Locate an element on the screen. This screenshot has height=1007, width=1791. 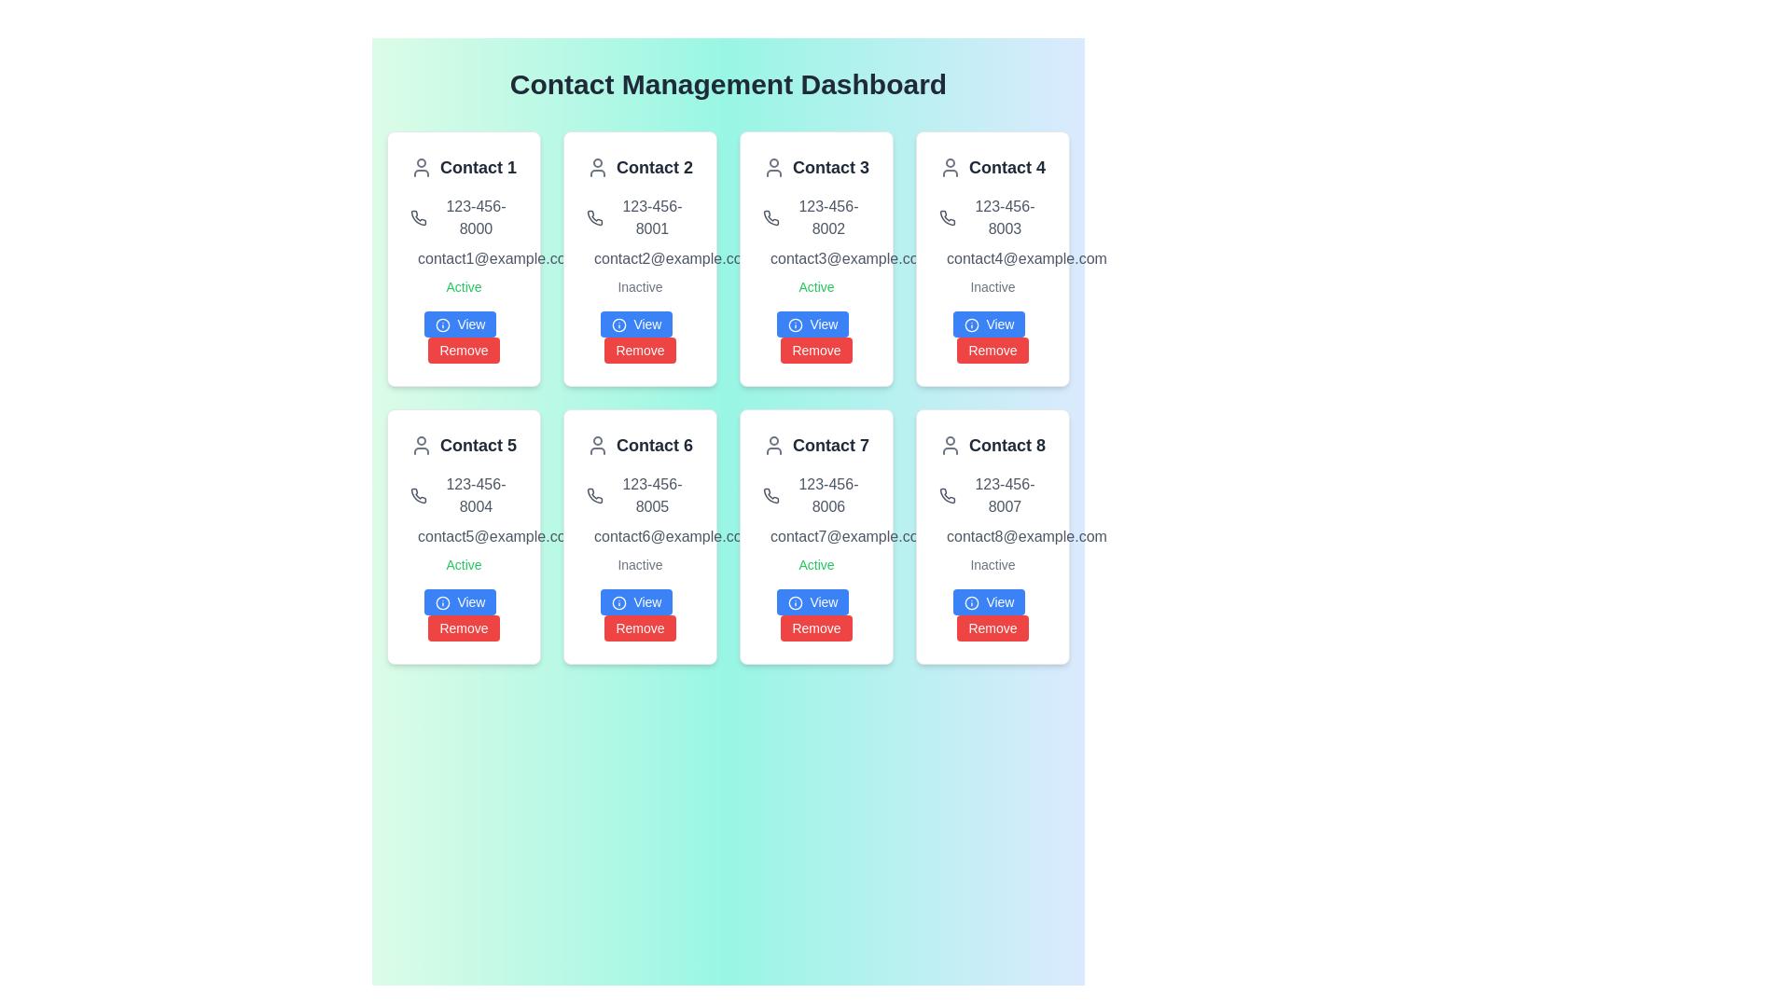
the text label displaying the email address 'contact2@example.com' for 'Contact 2', located below the phone number '123-456-8001' is located at coordinates (640, 258).